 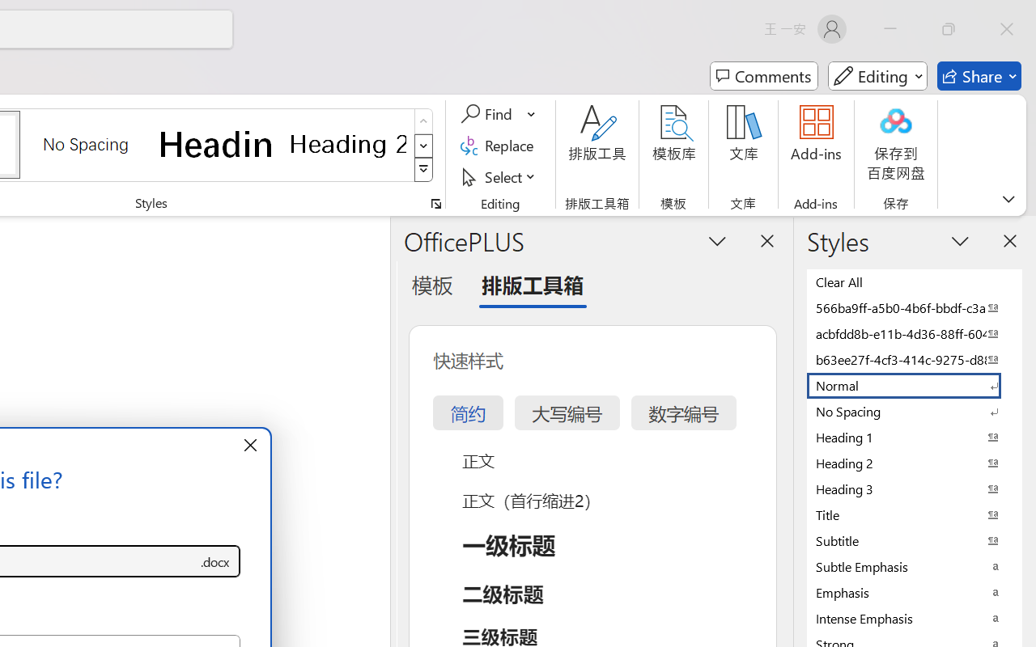 What do you see at coordinates (915, 488) in the screenshot?
I see `'Heading 3'` at bounding box center [915, 488].